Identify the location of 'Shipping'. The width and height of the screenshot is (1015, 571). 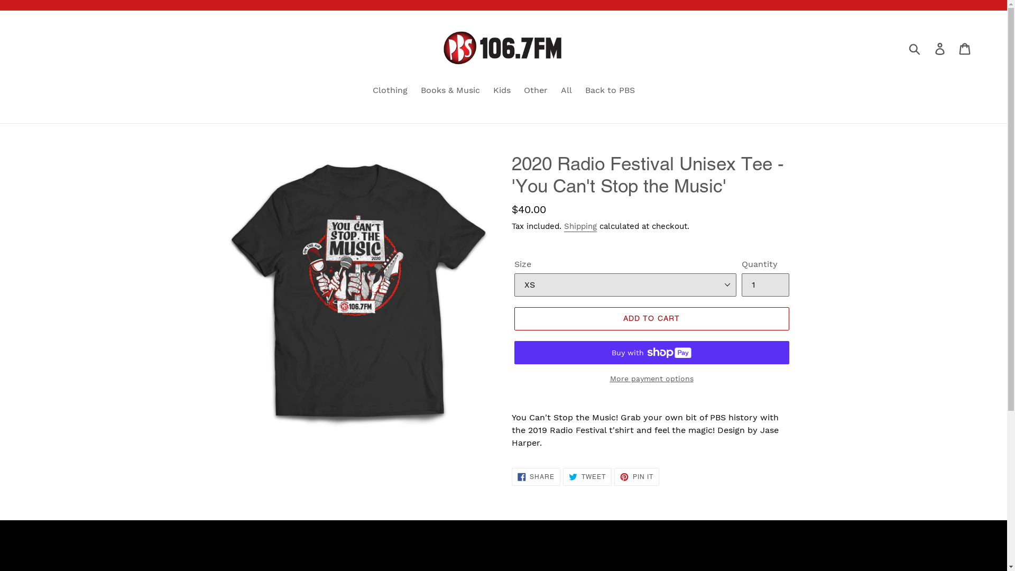
(579, 226).